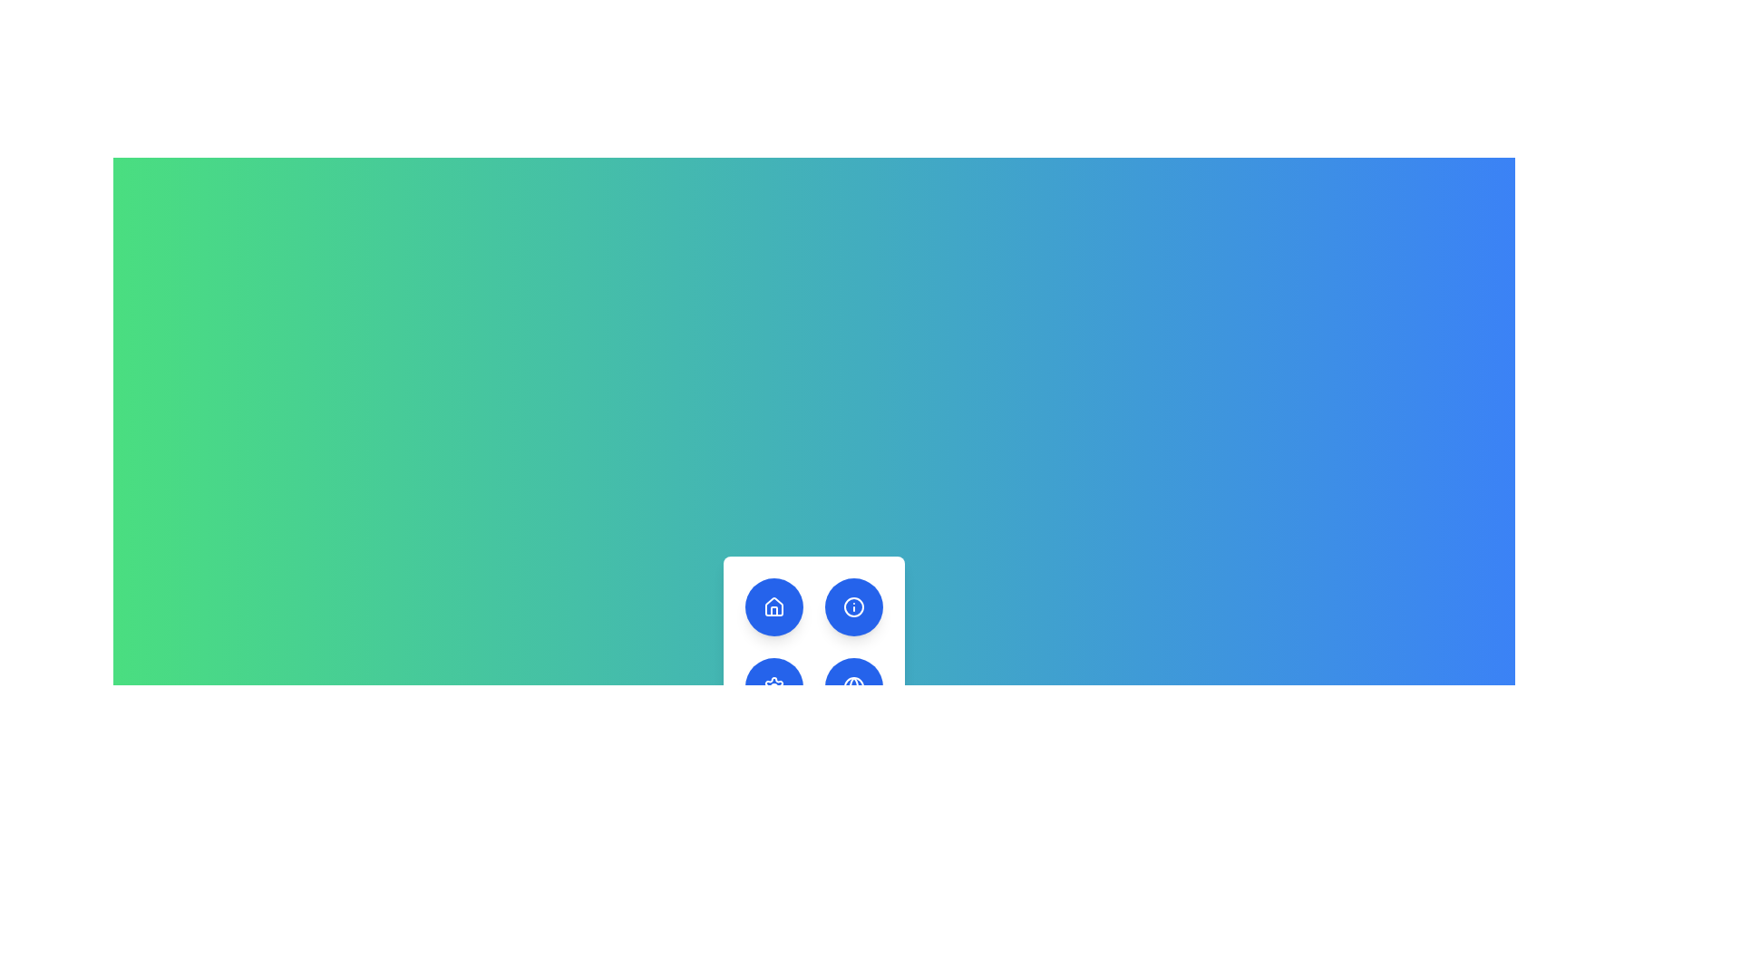 Image resolution: width=1741 pixels, height=979 pixels. I want to click on the globe icon located in the bottom row of a grid pattern of icons, positioned to the right, representing global options or international settings, so click(852, 687).